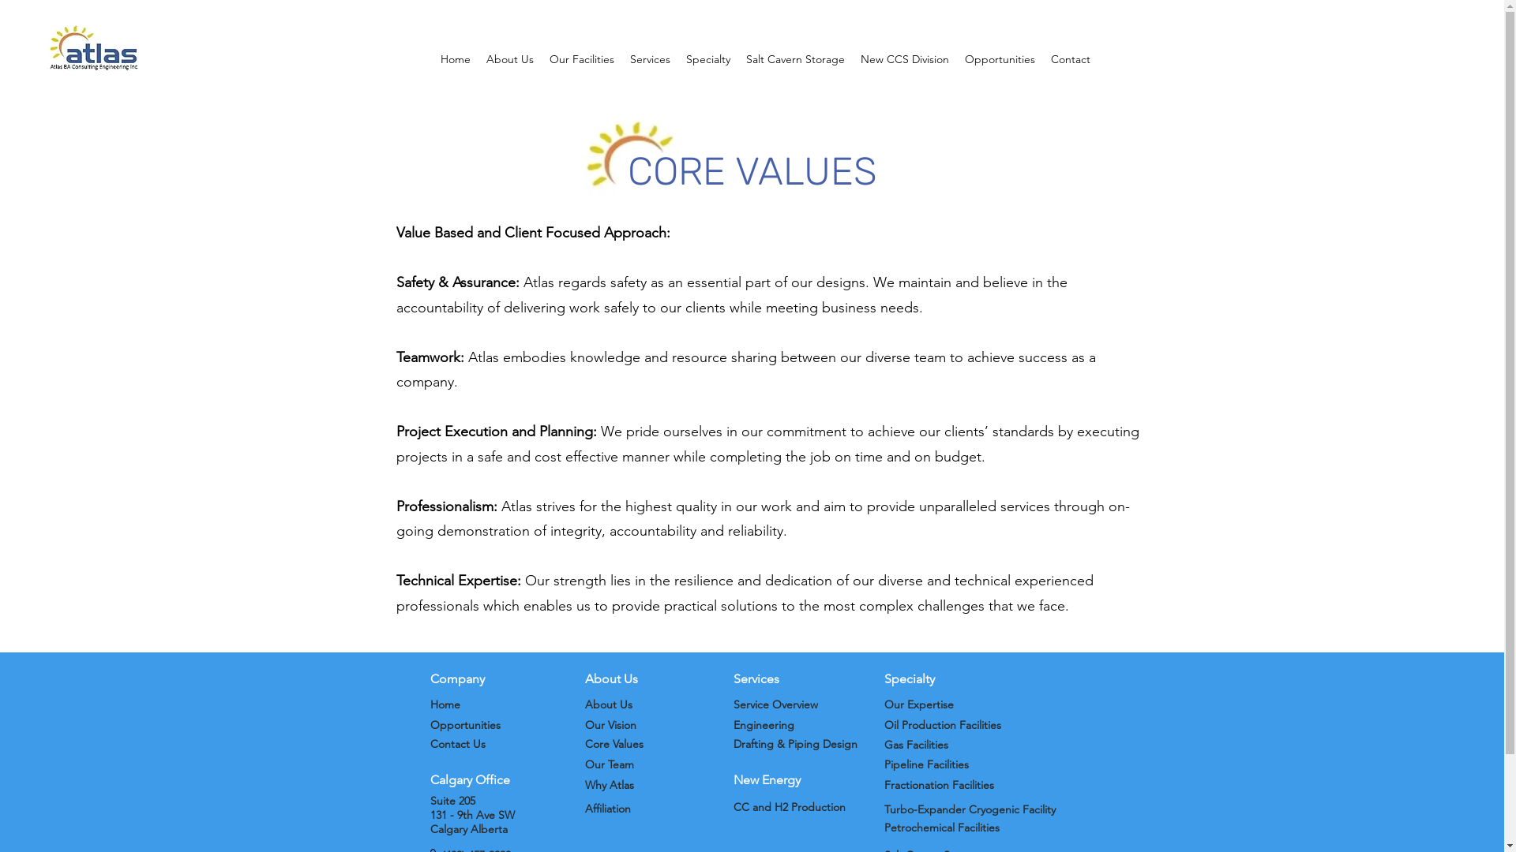  What do you see at coordinates (608, 763) in the screenshot?
I see `'Our Team'` at bounding box center [608, 763].